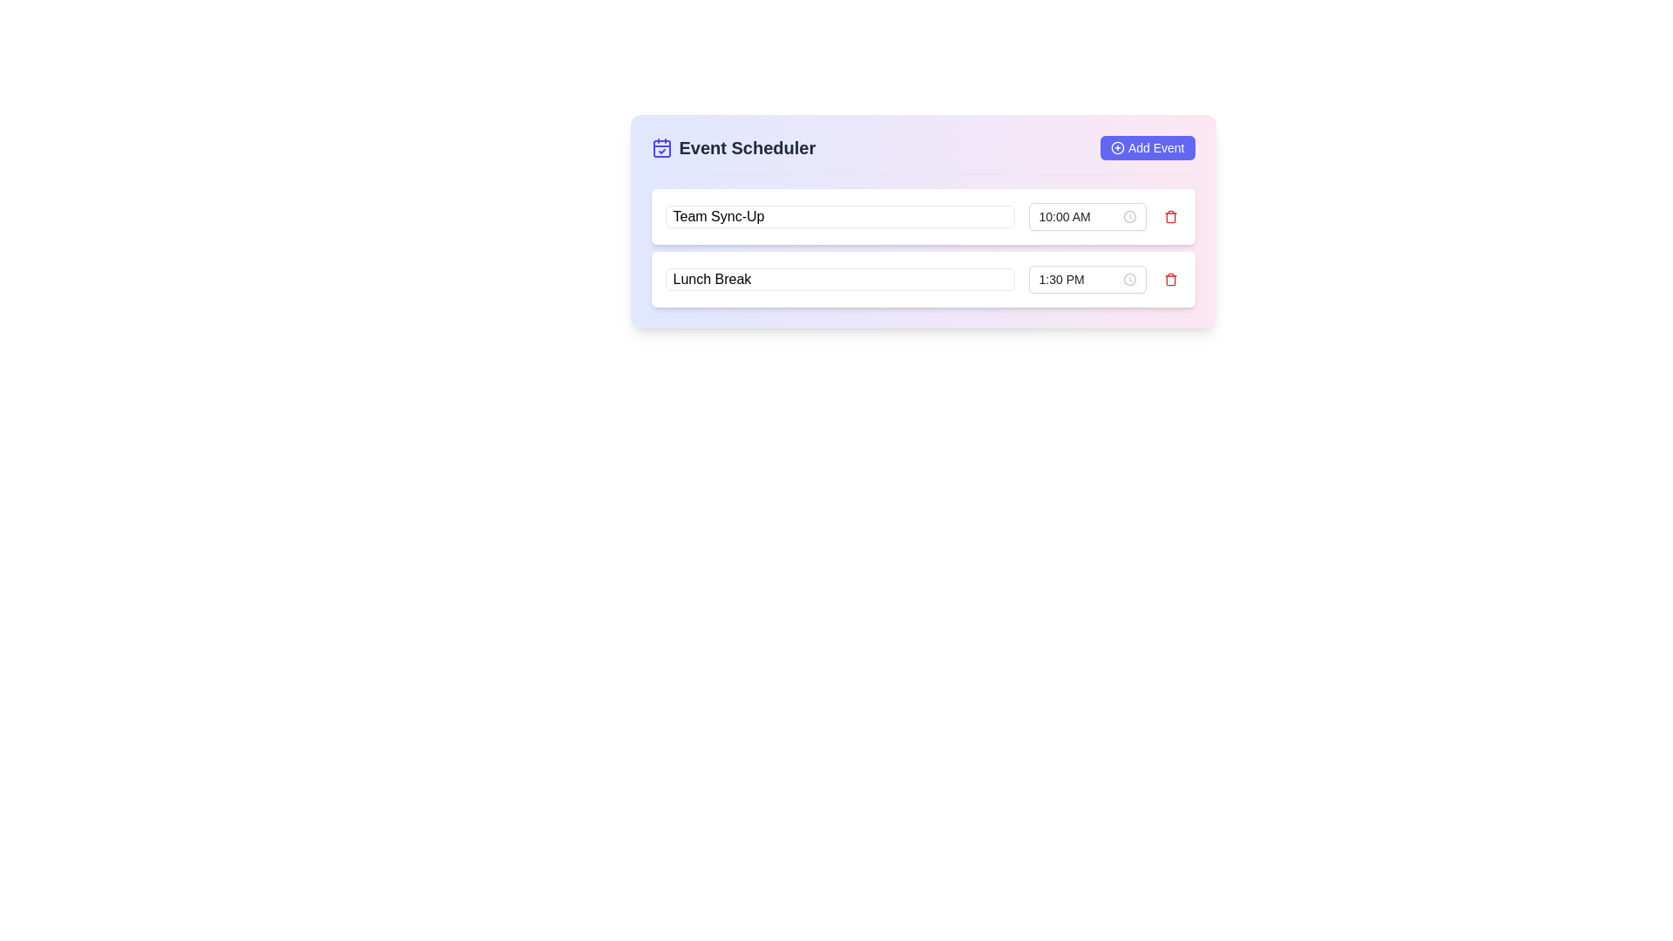  I want to click on the button located at the top right corner of the 'Event Scheduler' section, so click(1148, 146).